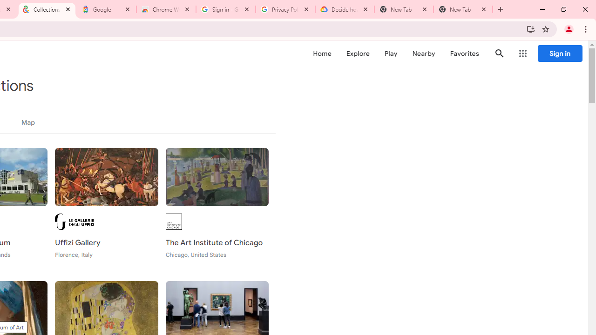 The width and height of the screenshot is (596, 335). What do you see at coordinates (530, 28) in the screenshot?
I see `'Install Google Arts & Culture'` at bounding box center [530, 28].